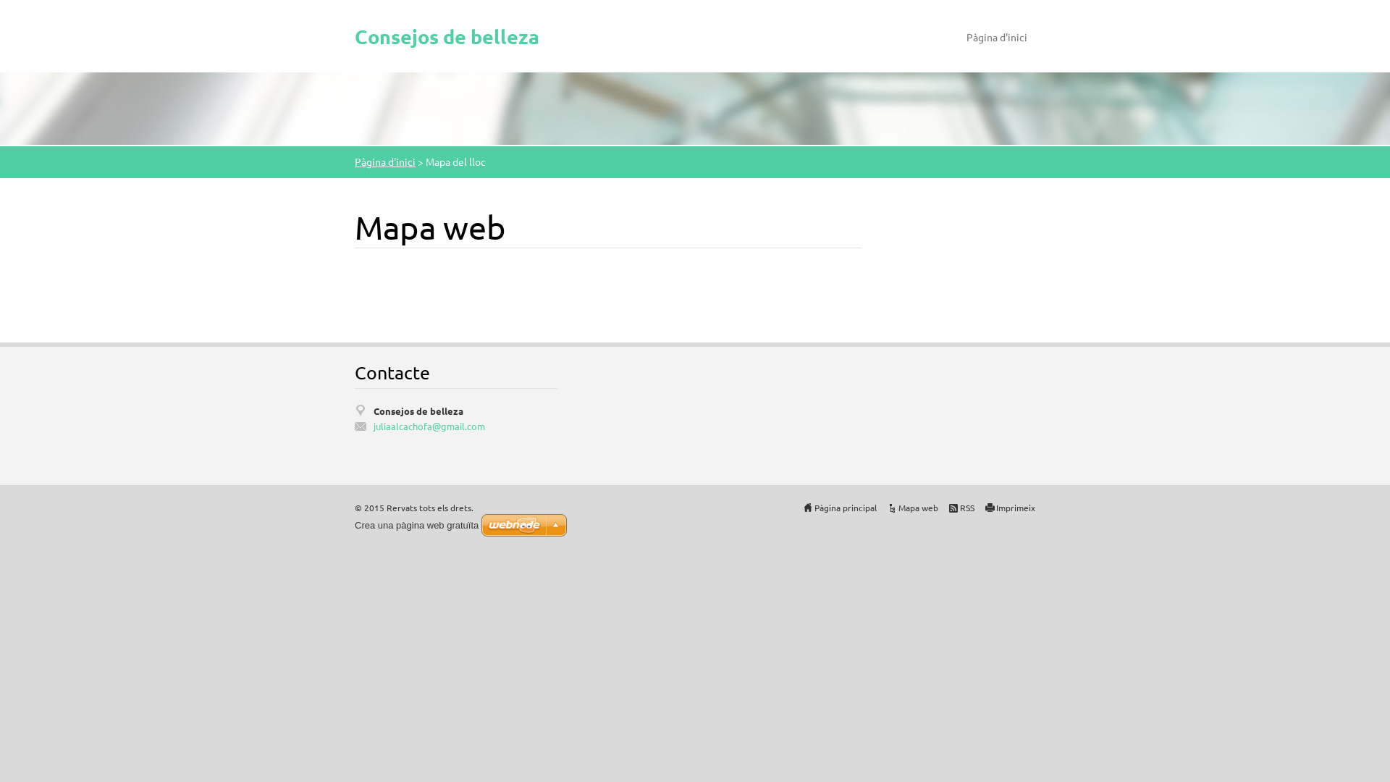 The image size is (1390, 782). Describe the element at coordinates (917, 507) in the screenshot. I see `'Mapa web'` at that location.